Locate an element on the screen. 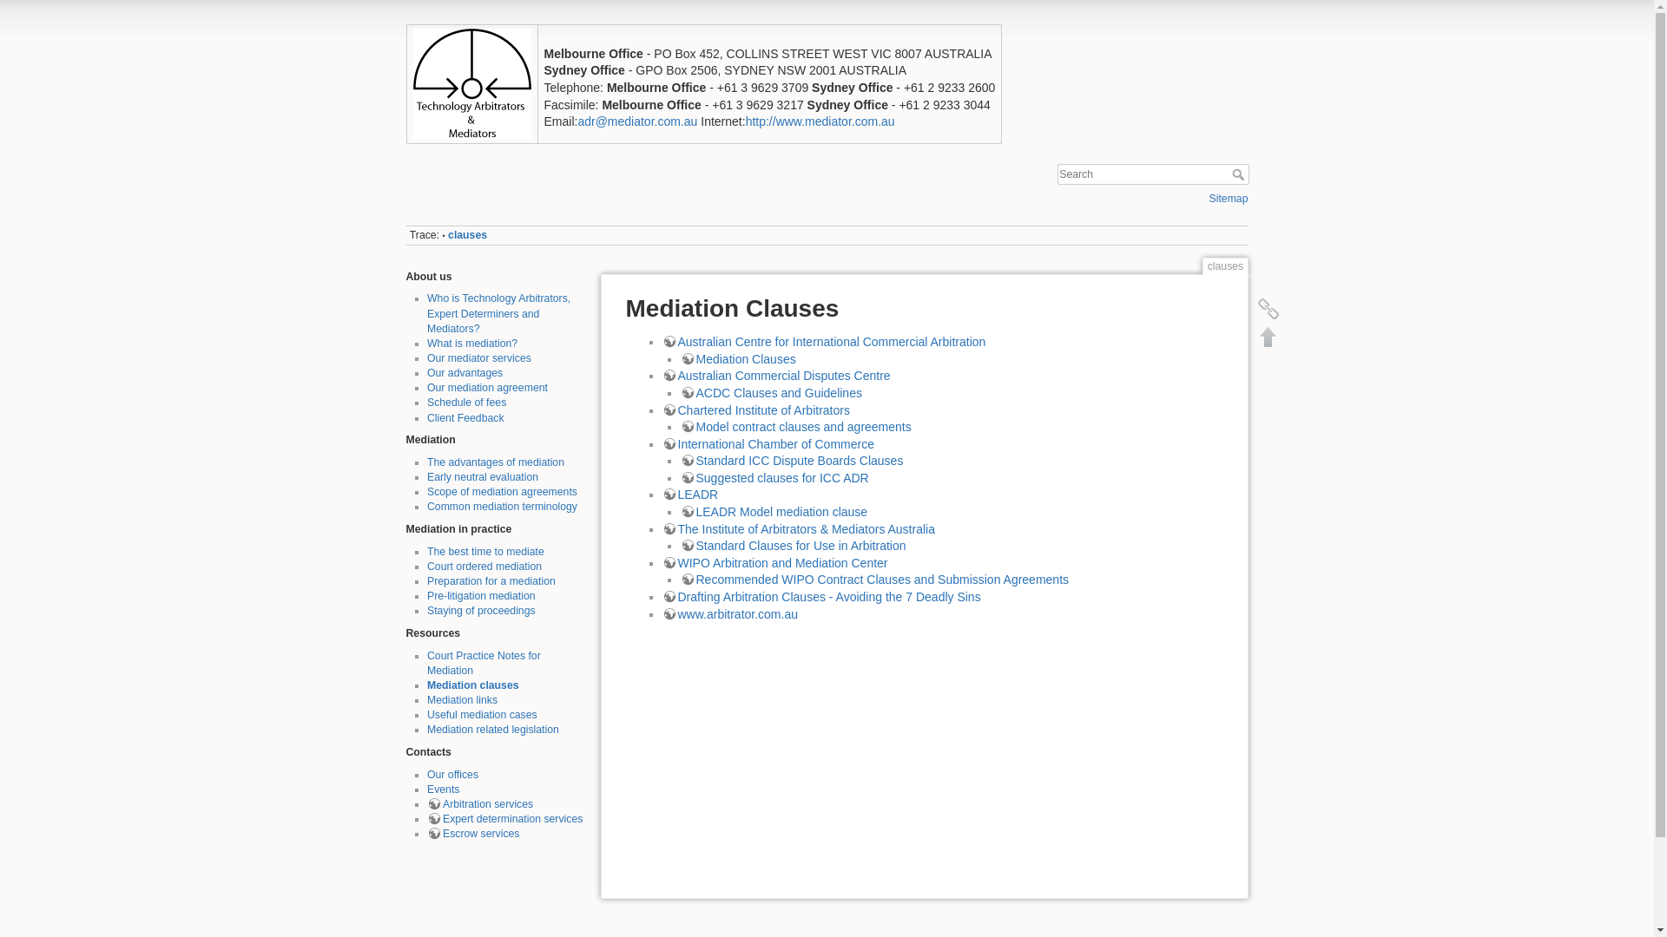  'Escrow services' is located at coordinates (473, 832).